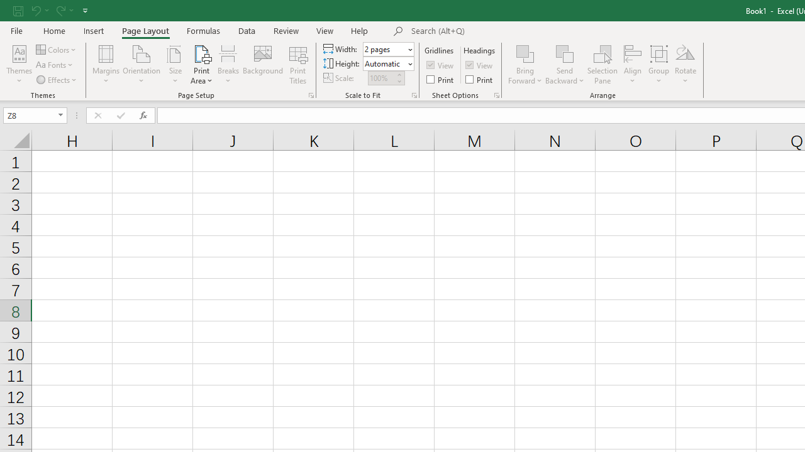 This screenshot has height=452, width=805. I want to click on 'Send Backward', so click(564, 65).